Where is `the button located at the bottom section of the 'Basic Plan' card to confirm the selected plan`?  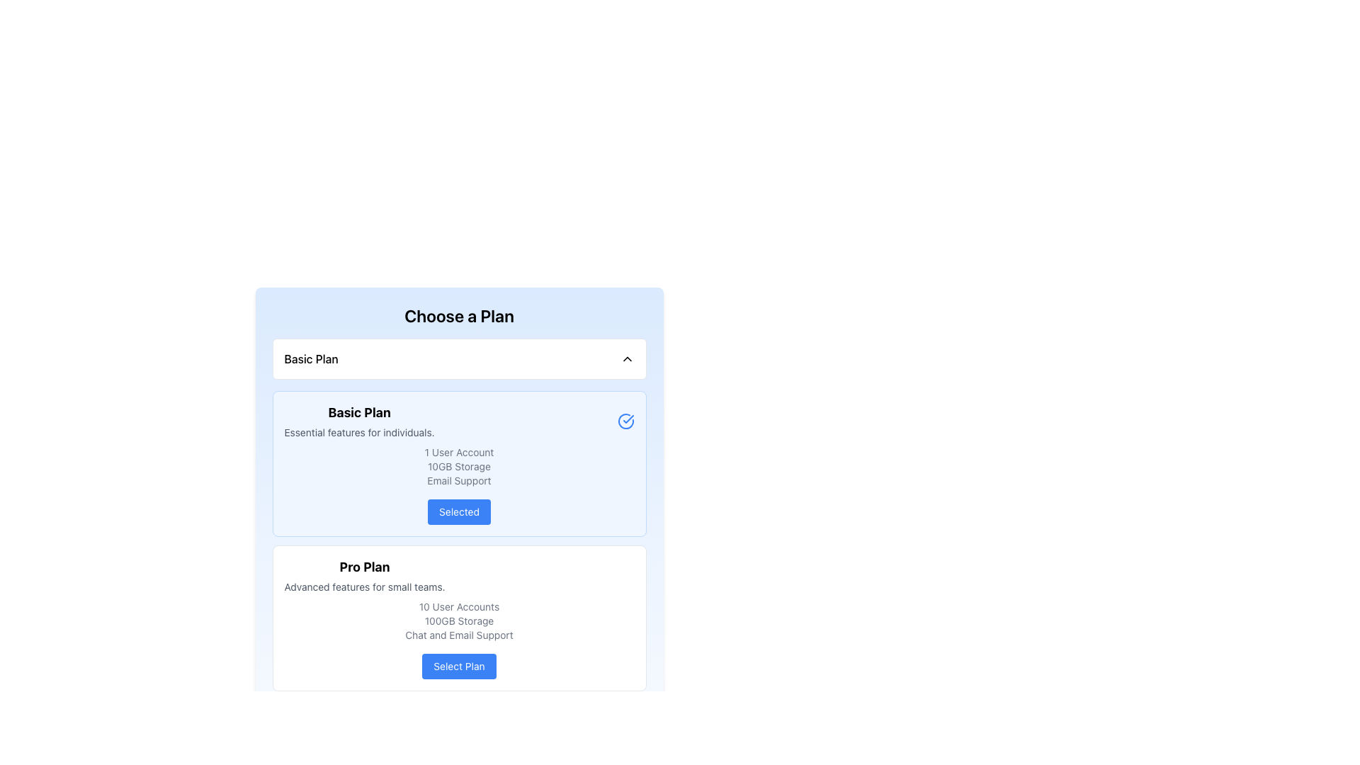 the button located at the bottom section of the 'Basic Plan' card to confirm the selected plan is located at coordinates (459, 511).